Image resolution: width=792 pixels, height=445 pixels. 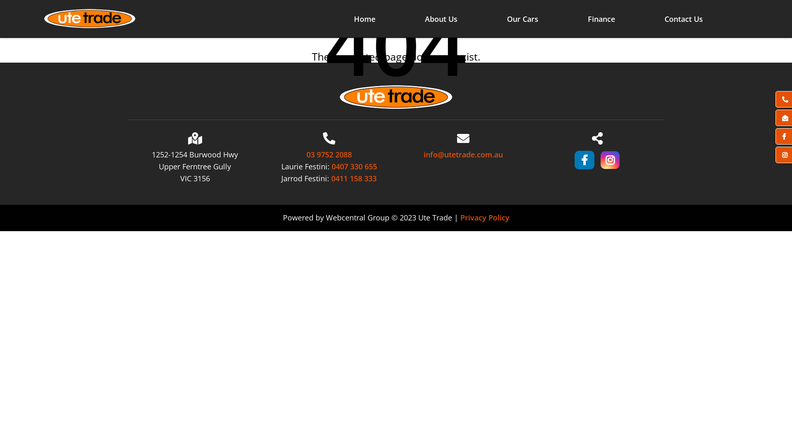 I want to click on '0407 330 655', so click(x=332, y=166).